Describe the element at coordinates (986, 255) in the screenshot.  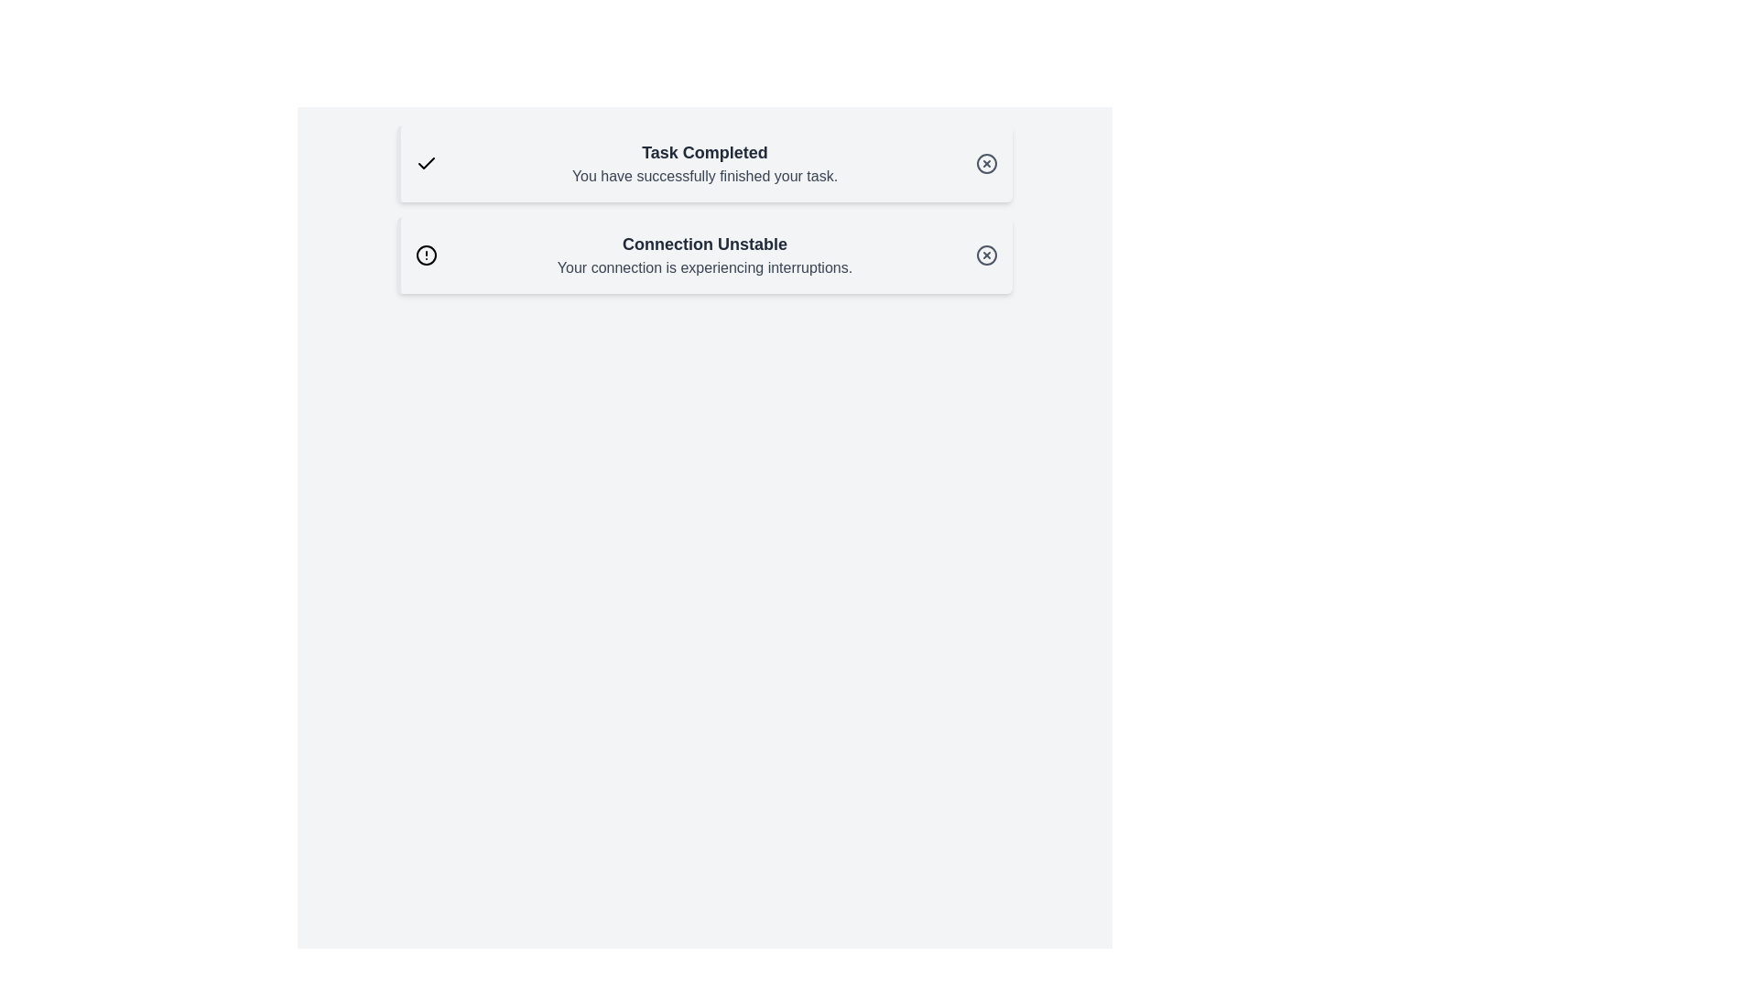
I see `the dismiss button located at the far-right edge of the notification component titled 'Connection Unstable'` at that location.